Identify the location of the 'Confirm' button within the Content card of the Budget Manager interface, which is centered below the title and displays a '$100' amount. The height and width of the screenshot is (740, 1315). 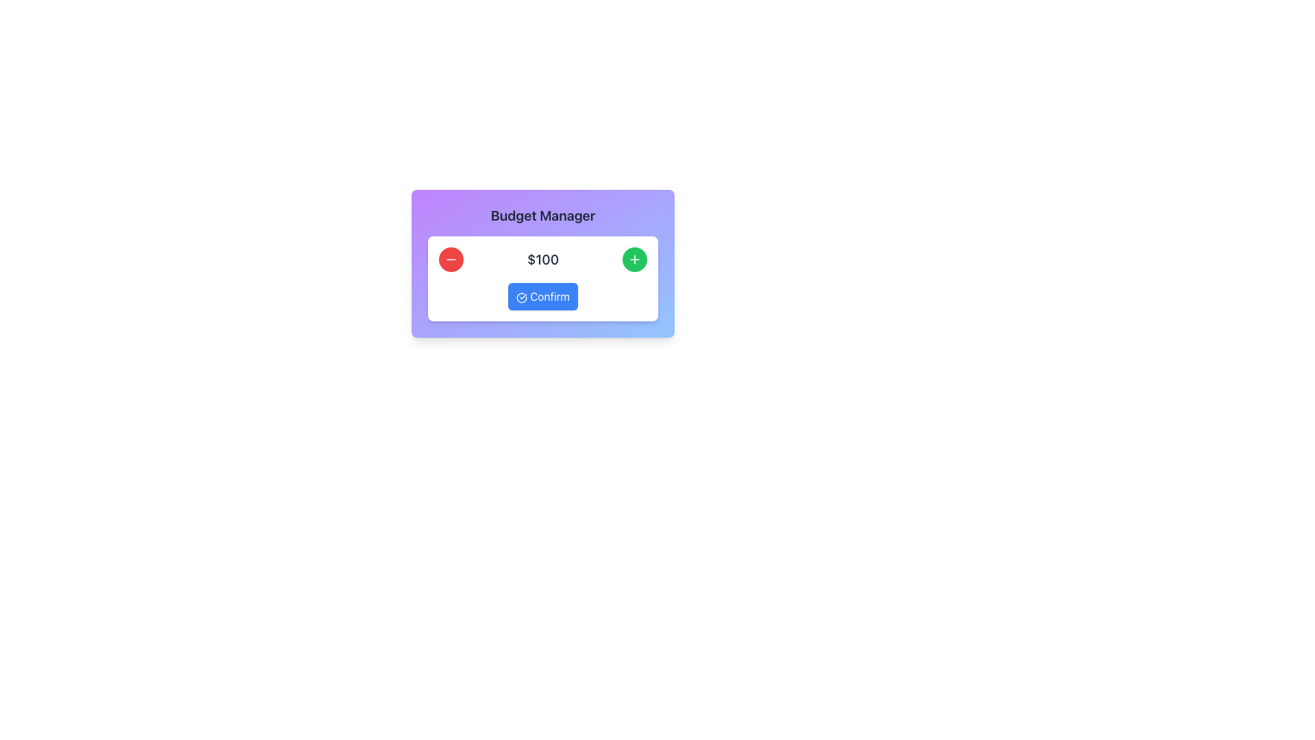
(542, 278).